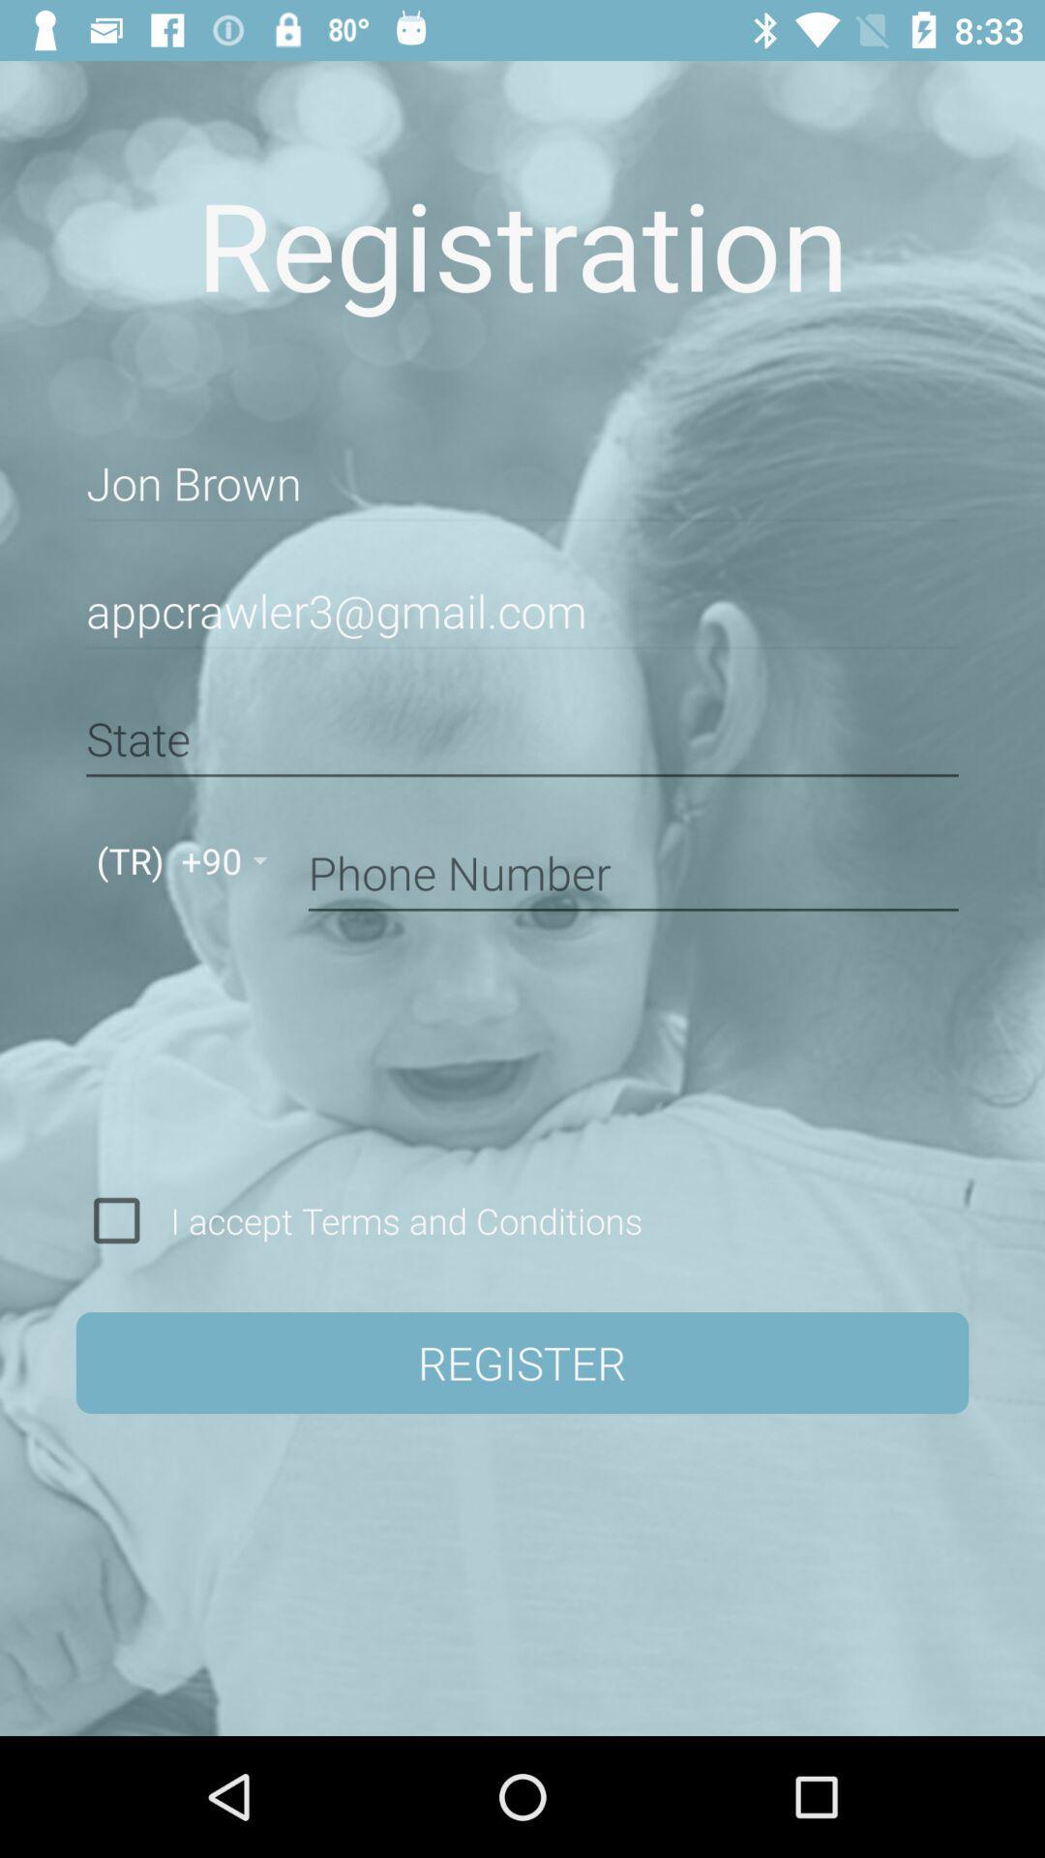 The height and width of the screenshot is (1858, 1045). Describe the element at coordinates (633, 869) in the screenshot. I see `item above the i accept terms` at that location.